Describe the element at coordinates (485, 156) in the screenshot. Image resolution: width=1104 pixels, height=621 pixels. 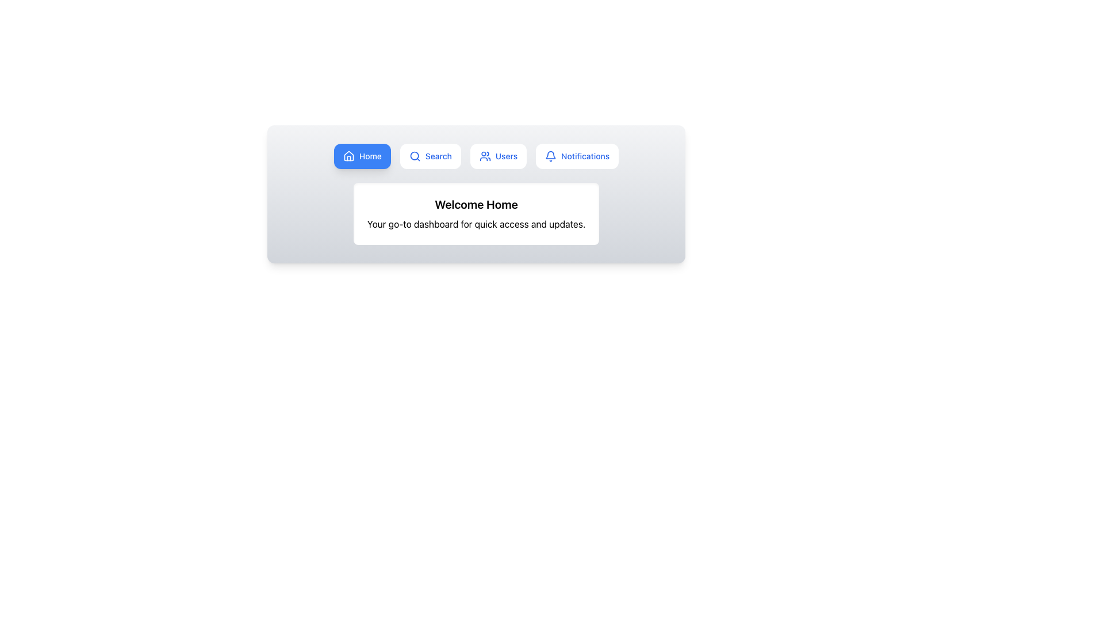
I see `the 'Users' navigation icon located in the top-center navigation menu, which is the third icon from the left` at that location.